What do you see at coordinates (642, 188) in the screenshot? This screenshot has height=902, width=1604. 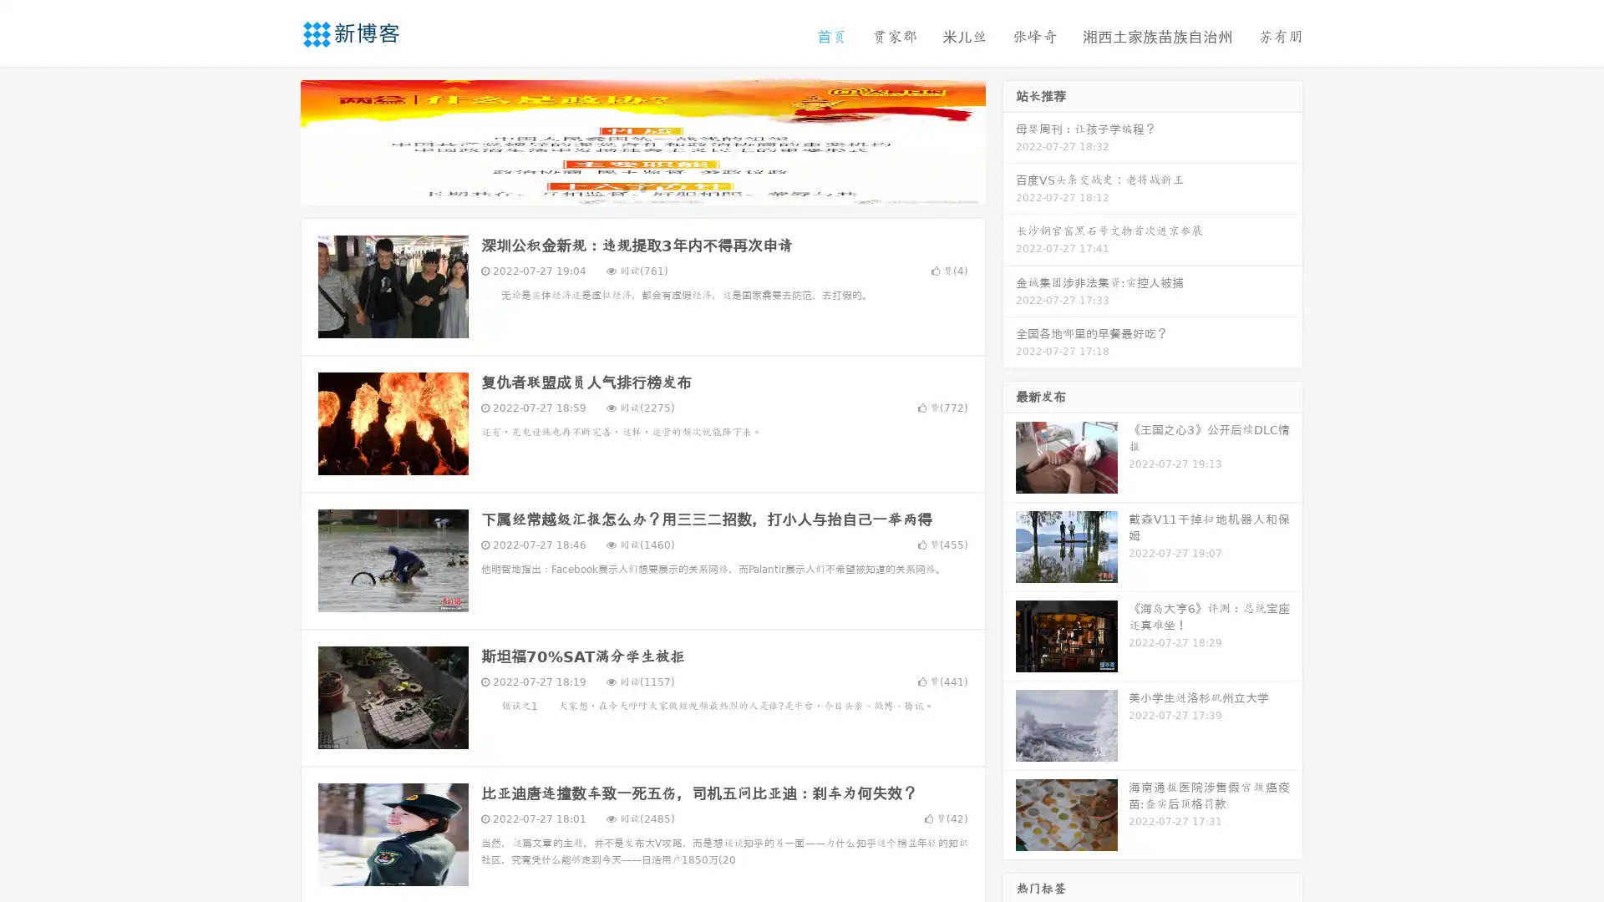 I see `Go to slide 2` at bounding box center [642, 188].